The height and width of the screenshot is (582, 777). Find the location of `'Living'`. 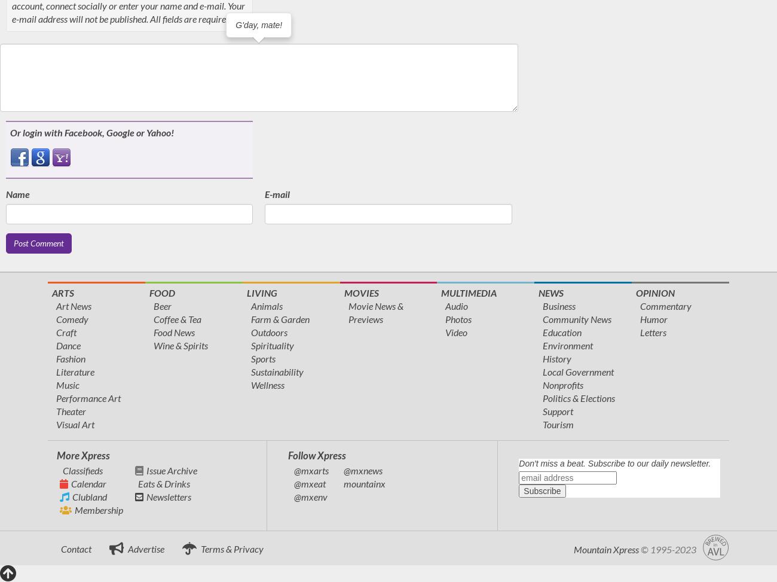

'Living' is located at coordinates (261, 291).